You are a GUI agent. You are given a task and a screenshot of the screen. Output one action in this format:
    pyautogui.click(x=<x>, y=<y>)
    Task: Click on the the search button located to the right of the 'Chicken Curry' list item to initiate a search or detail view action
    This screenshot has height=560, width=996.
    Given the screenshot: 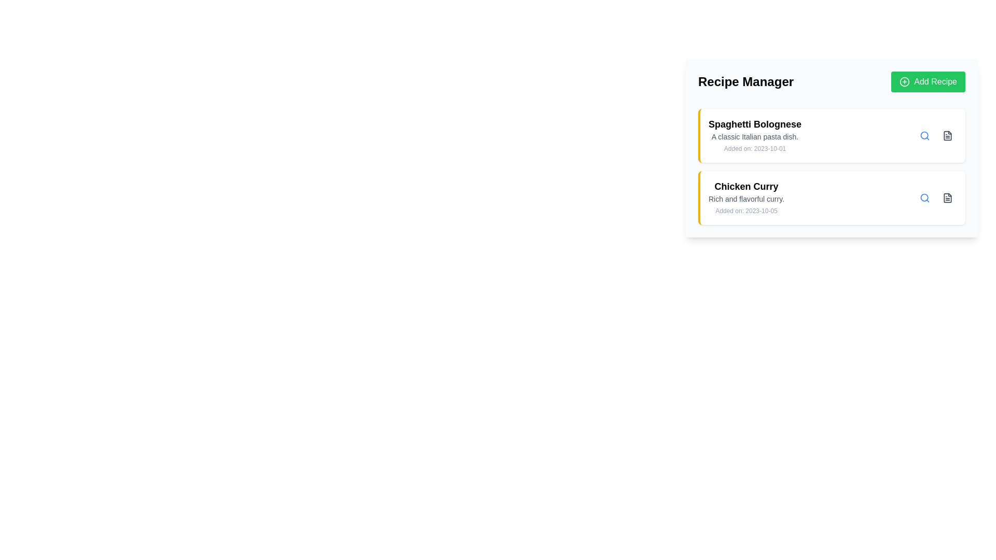 What is the action you would take?
    pyautogui.click(x=924, y=198)
    